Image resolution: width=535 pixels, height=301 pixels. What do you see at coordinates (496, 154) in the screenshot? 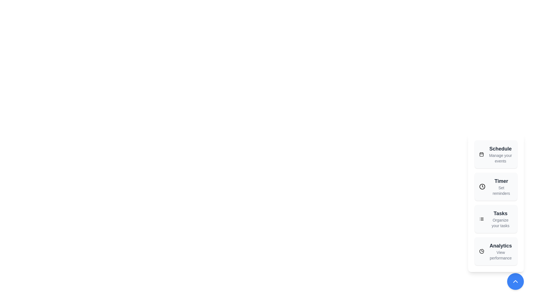
I see `the action item Schedule from the speed dial menu` at bounding box center [496, 154].